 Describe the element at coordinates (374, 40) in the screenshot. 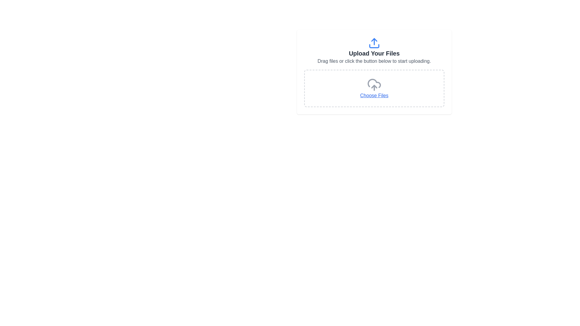

I see `the blue polygonal shape forming an upward-pointing arrowhead in the upload icon` at that location.